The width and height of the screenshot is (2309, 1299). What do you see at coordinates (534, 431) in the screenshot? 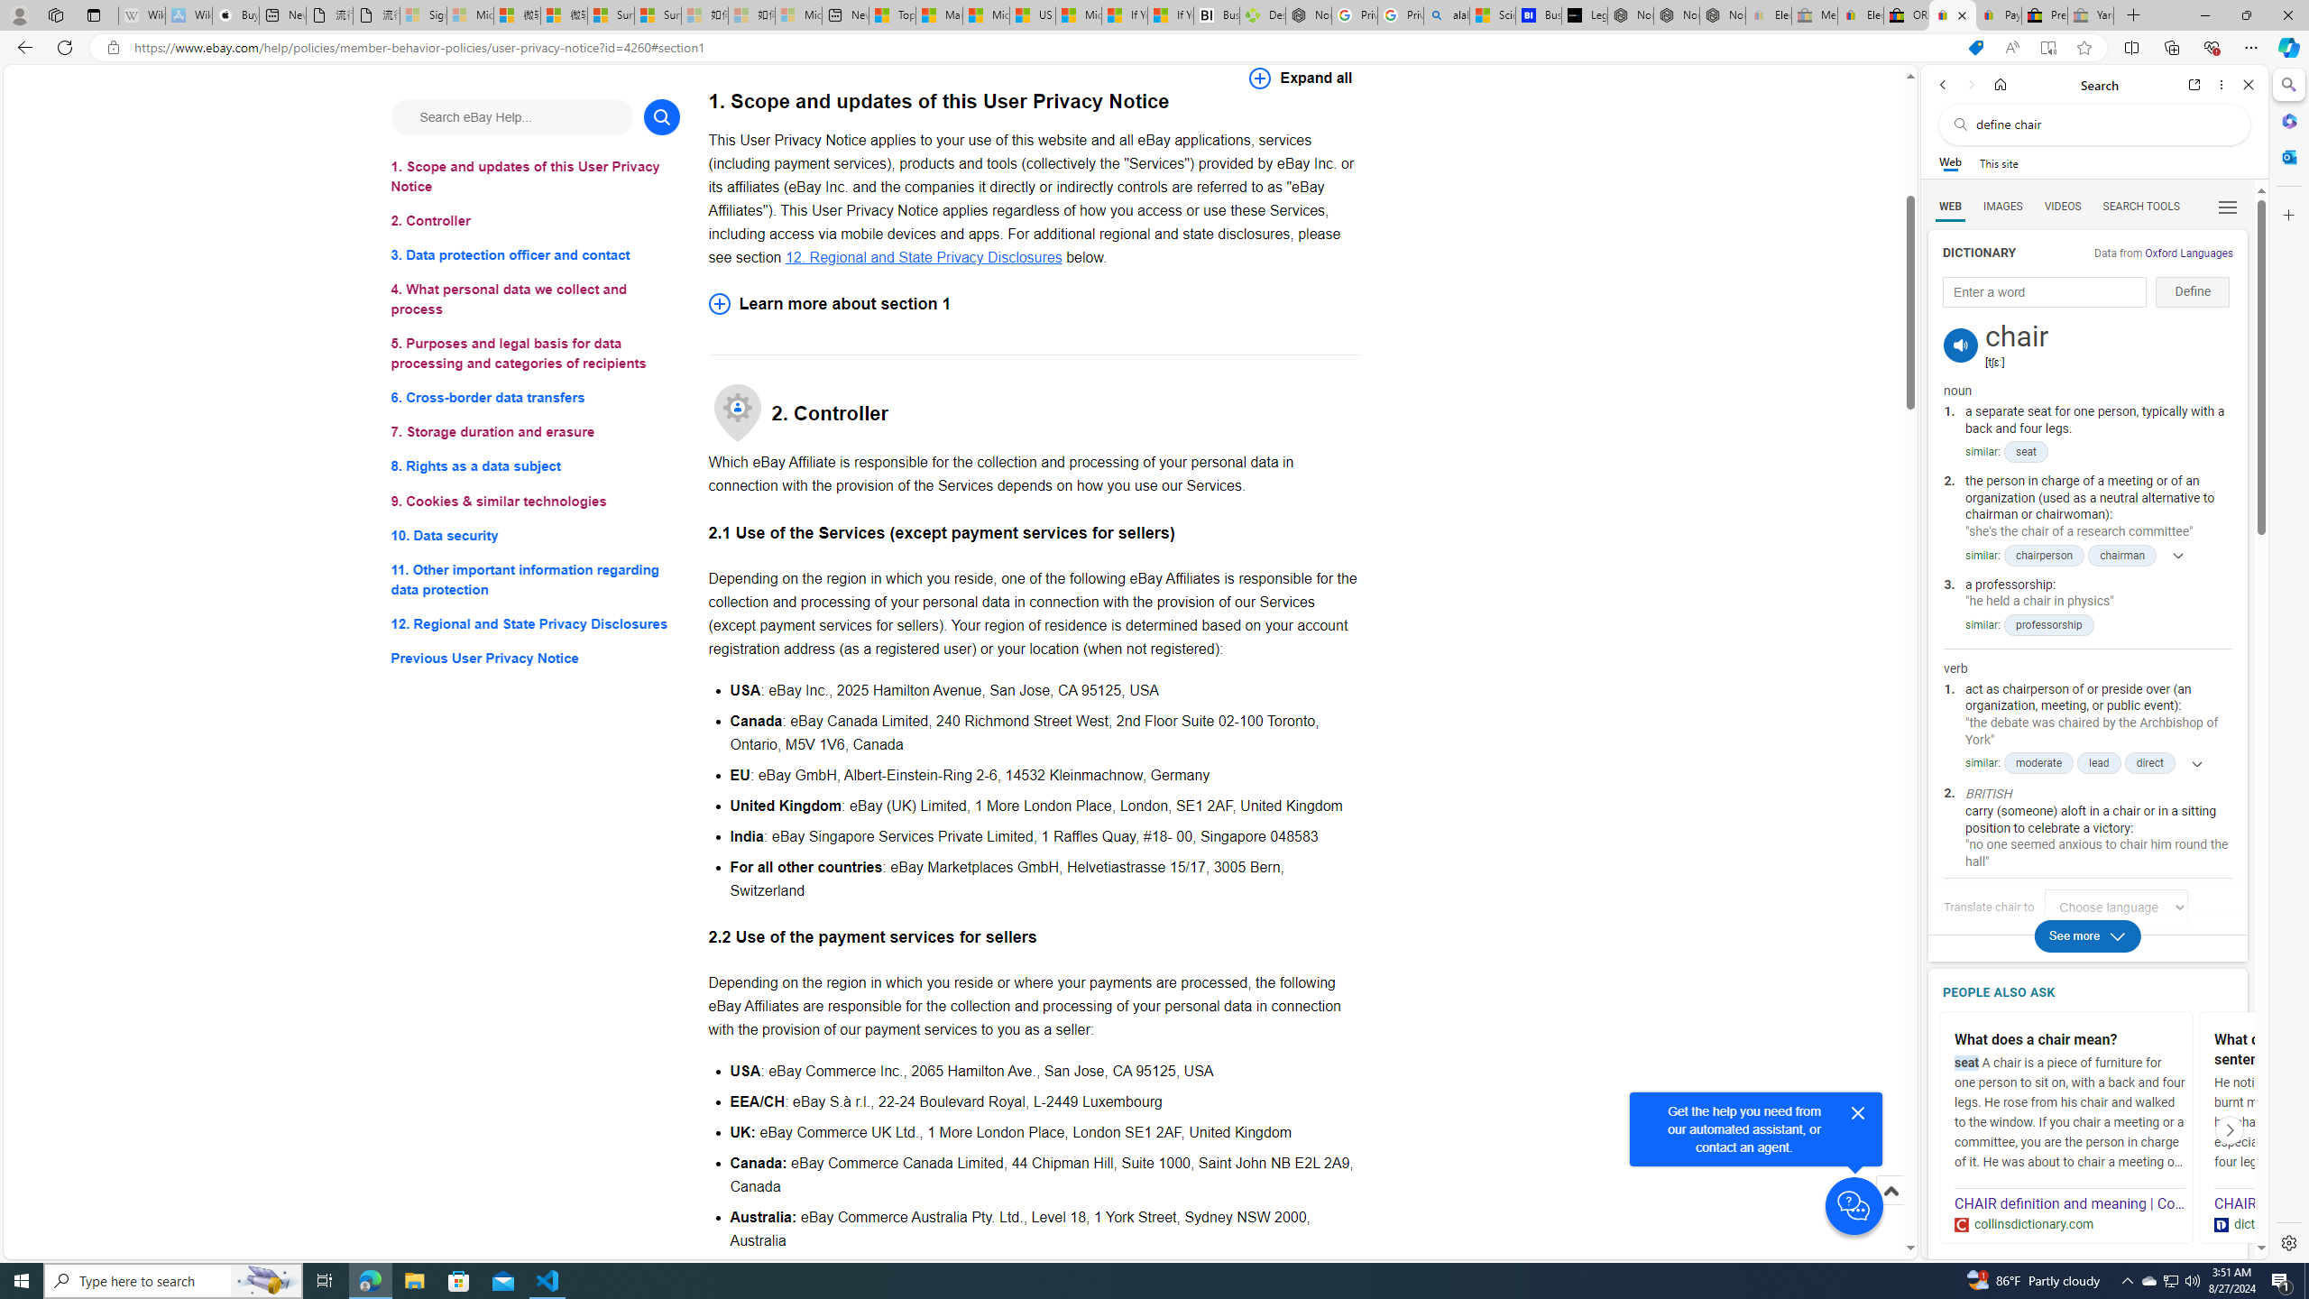
I see `'7. Storage duration and erasure'` at bounding box center [534, 431].